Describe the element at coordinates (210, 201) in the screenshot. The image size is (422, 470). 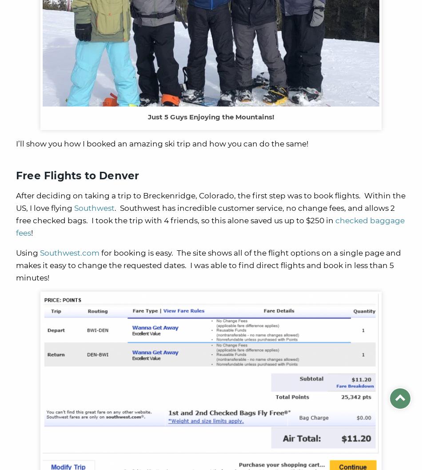
I see `'After deciding on taking a trip to Breckenridge, Colorado, the first step was to book flights.  Within the US, I love flying'` at that location.